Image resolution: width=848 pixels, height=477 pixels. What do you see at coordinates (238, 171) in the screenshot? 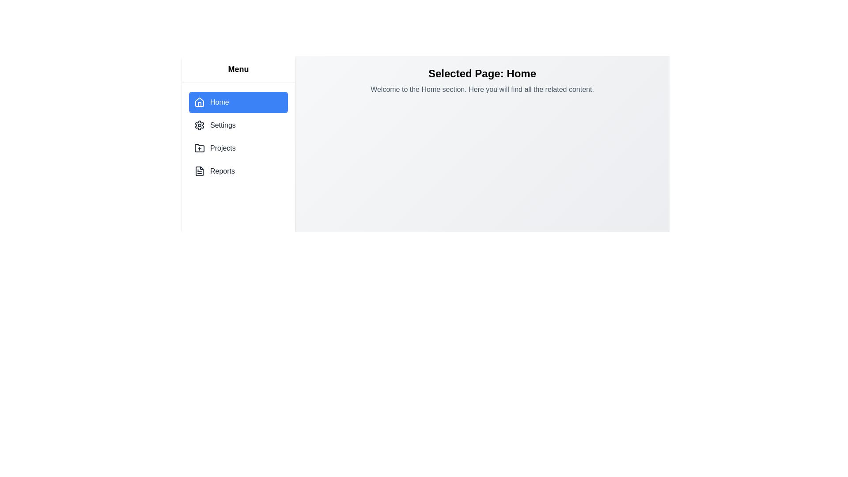
I see `the 'Reports' button` at bounding box center [238, 171].